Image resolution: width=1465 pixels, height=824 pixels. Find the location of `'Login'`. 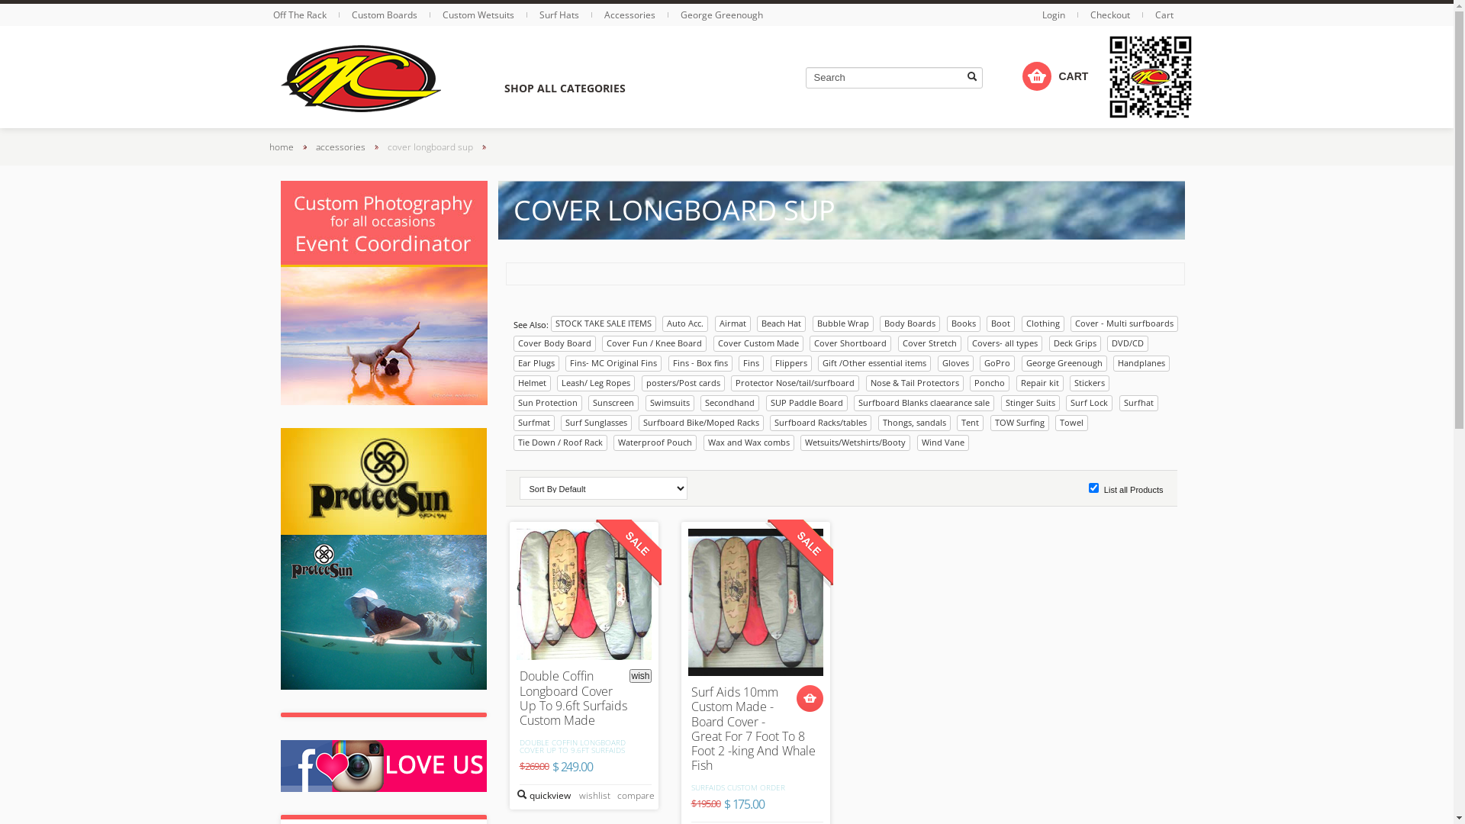

'Login' is located at coordinates (1042, 14).